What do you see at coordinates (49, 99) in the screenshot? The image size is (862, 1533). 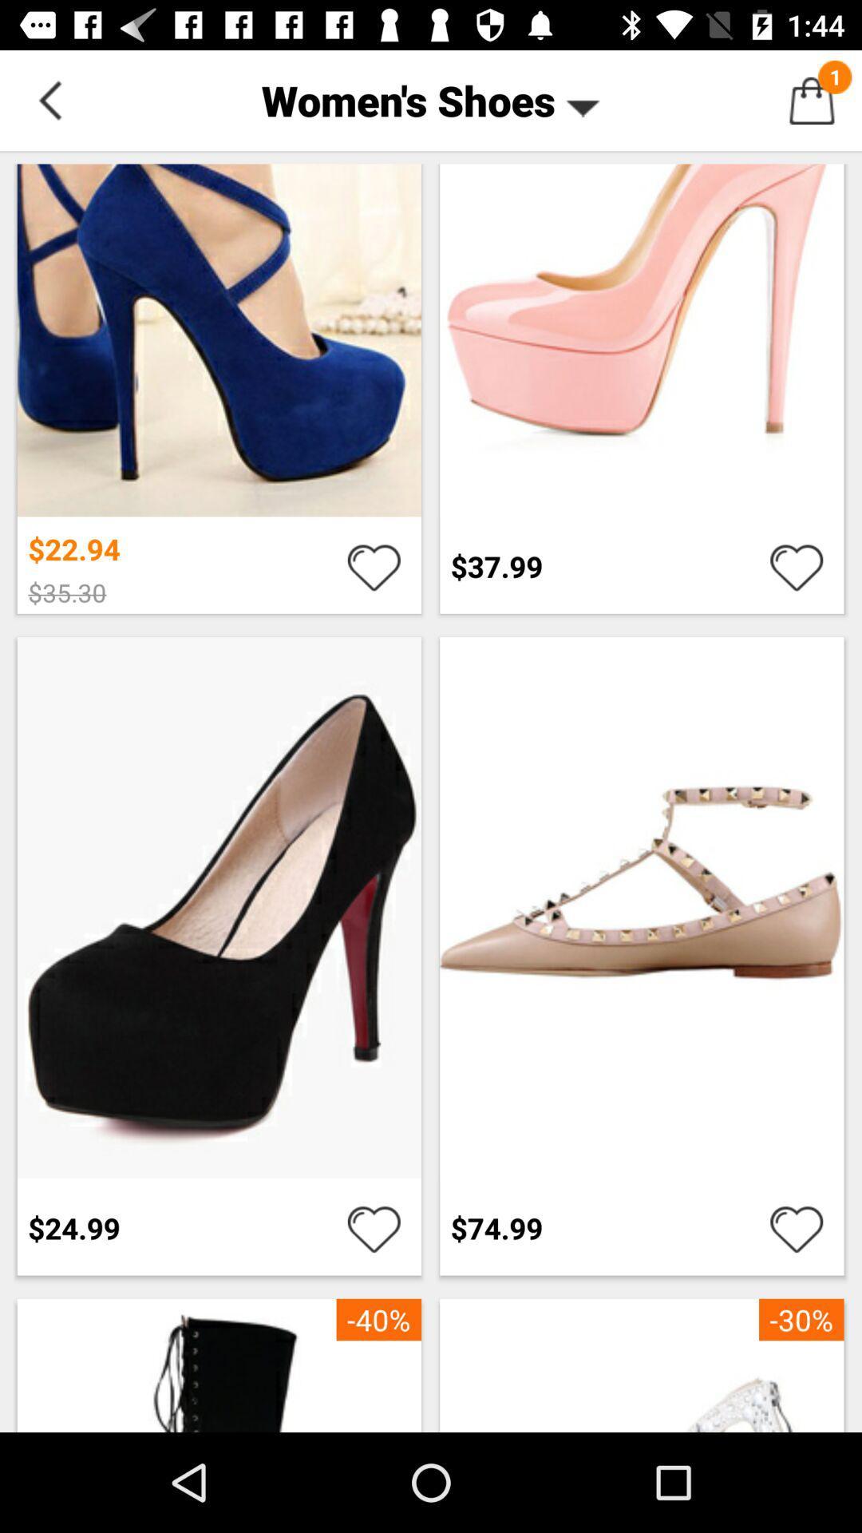 I see `go back` at bounding box center [49, 99].